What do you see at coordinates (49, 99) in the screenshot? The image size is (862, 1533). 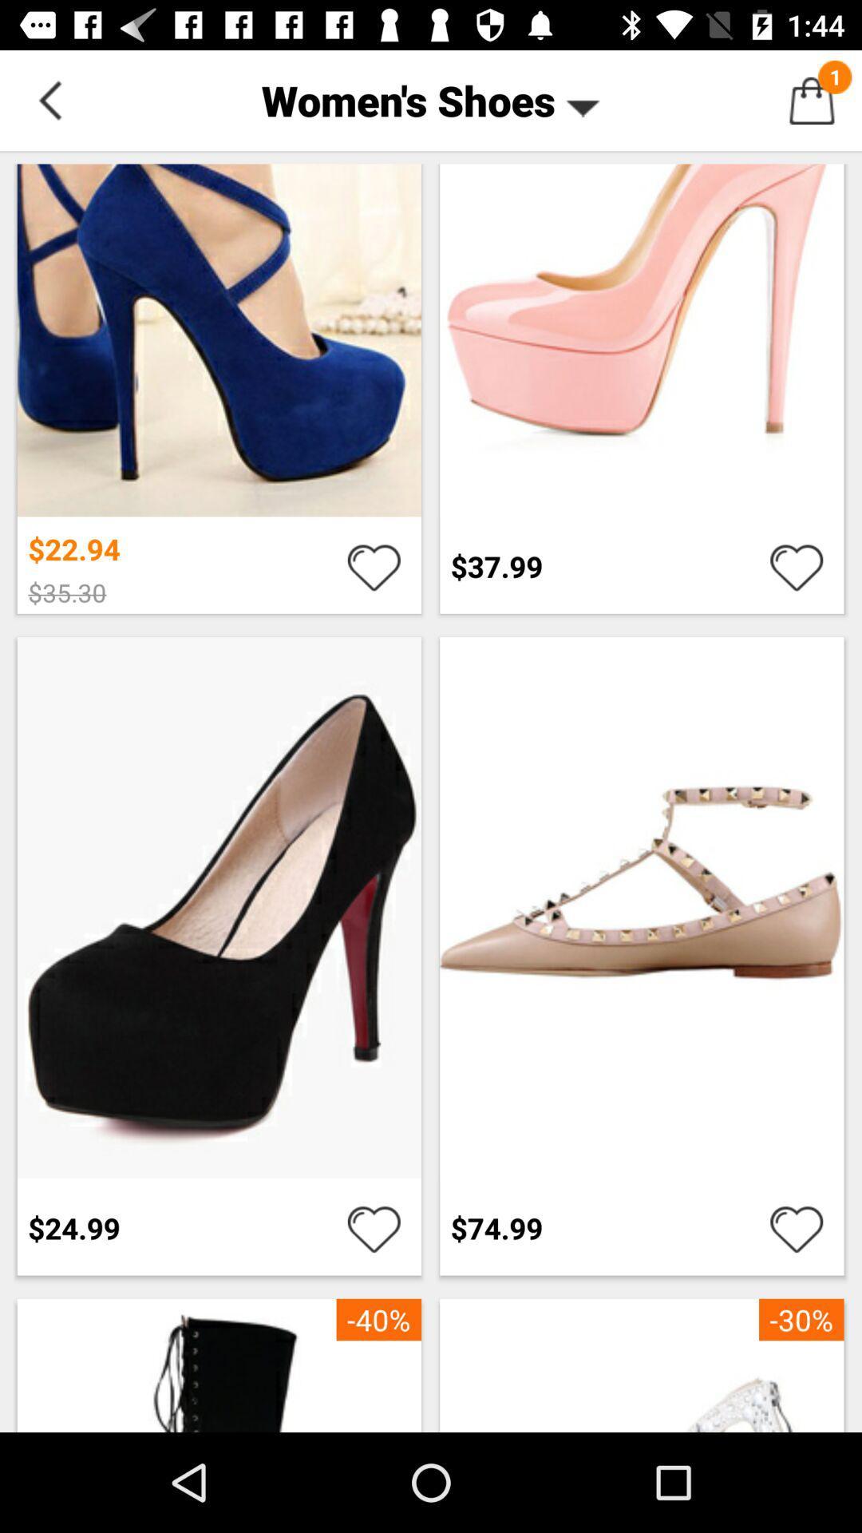 I see `go back` at bounding box center [49, 99].